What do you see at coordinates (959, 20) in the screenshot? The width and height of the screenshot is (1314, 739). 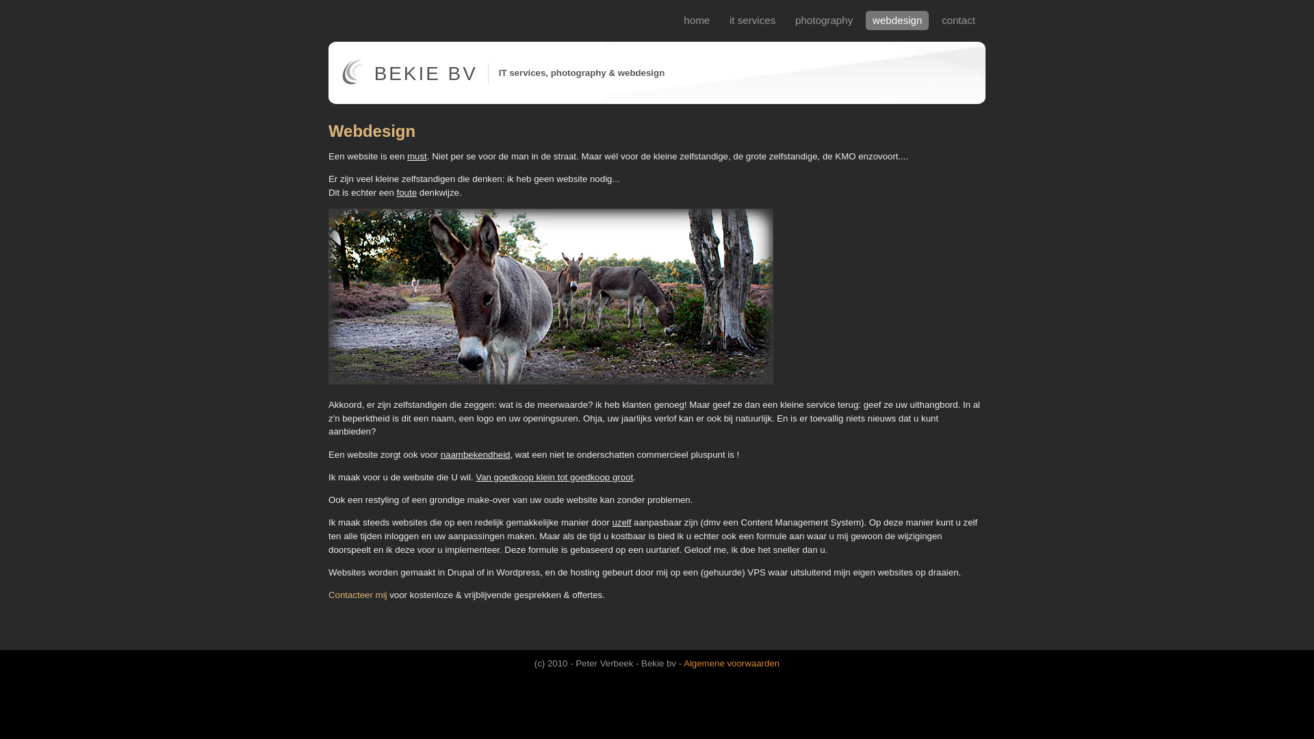 I see `'contact'` at bounding box center [959, 20].